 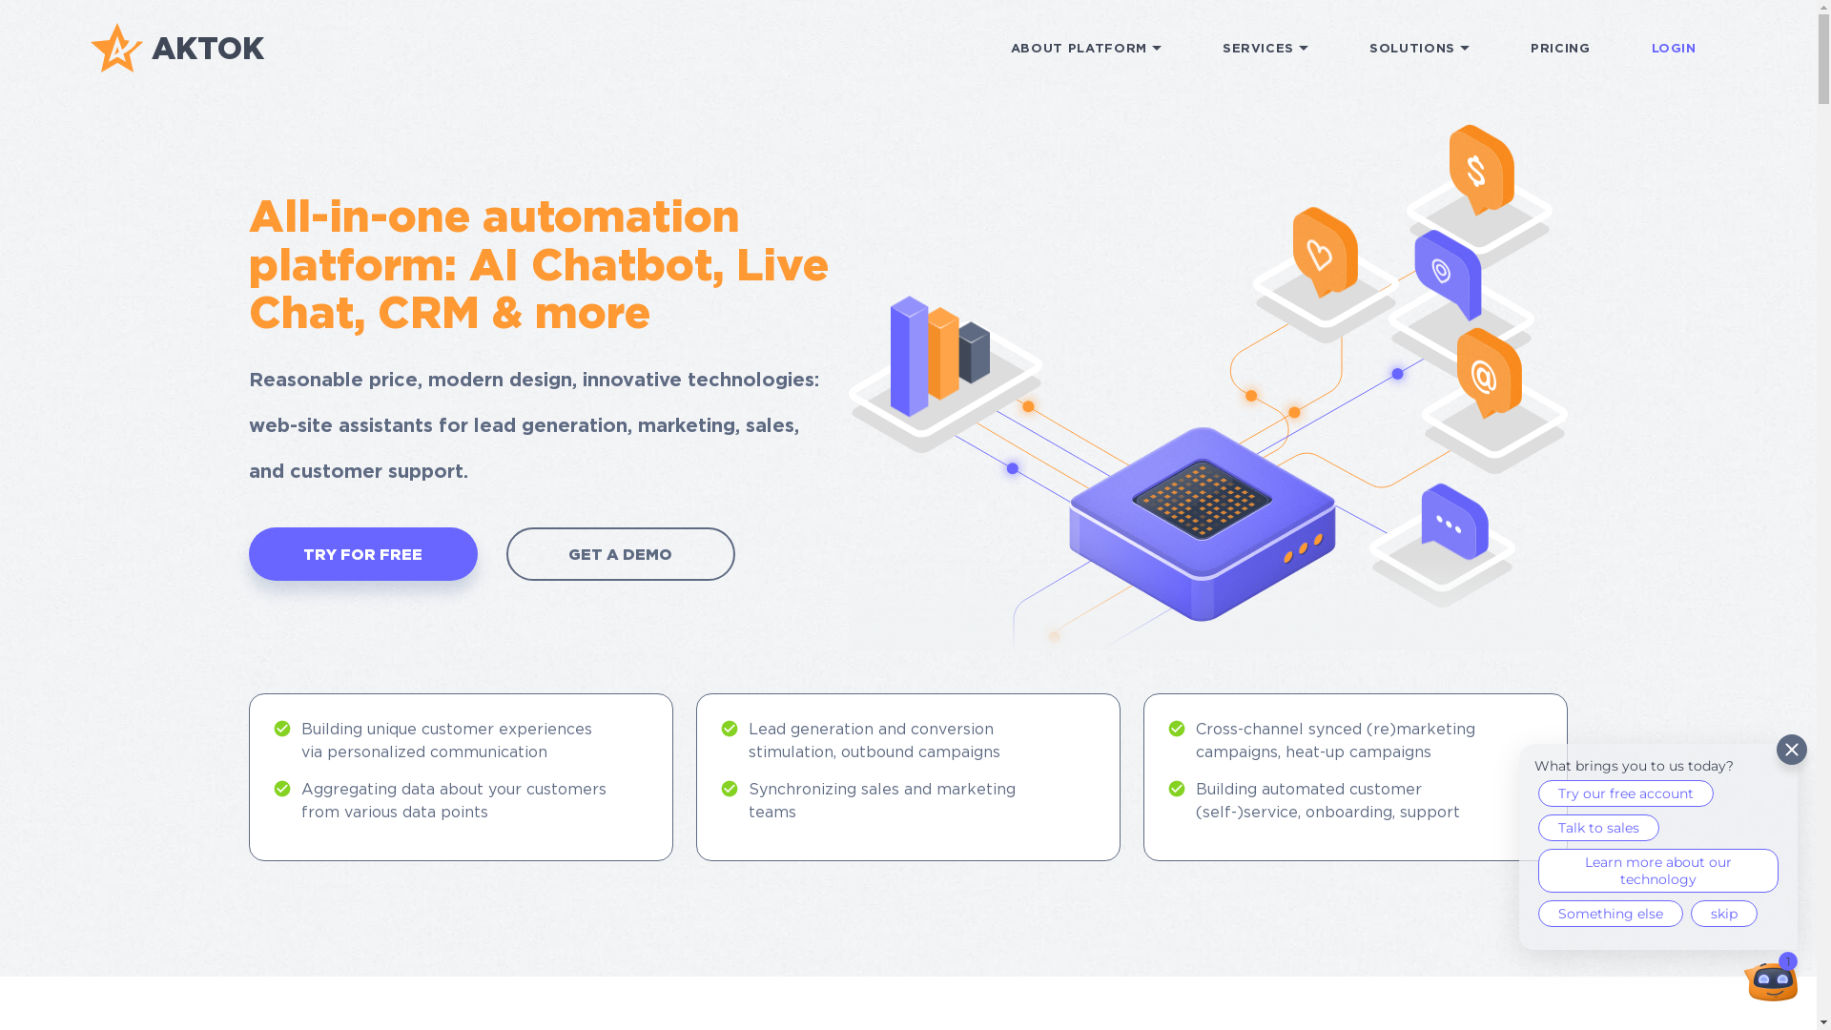 I want to click on 'Talk to sales', so click(x=1598, y=826).